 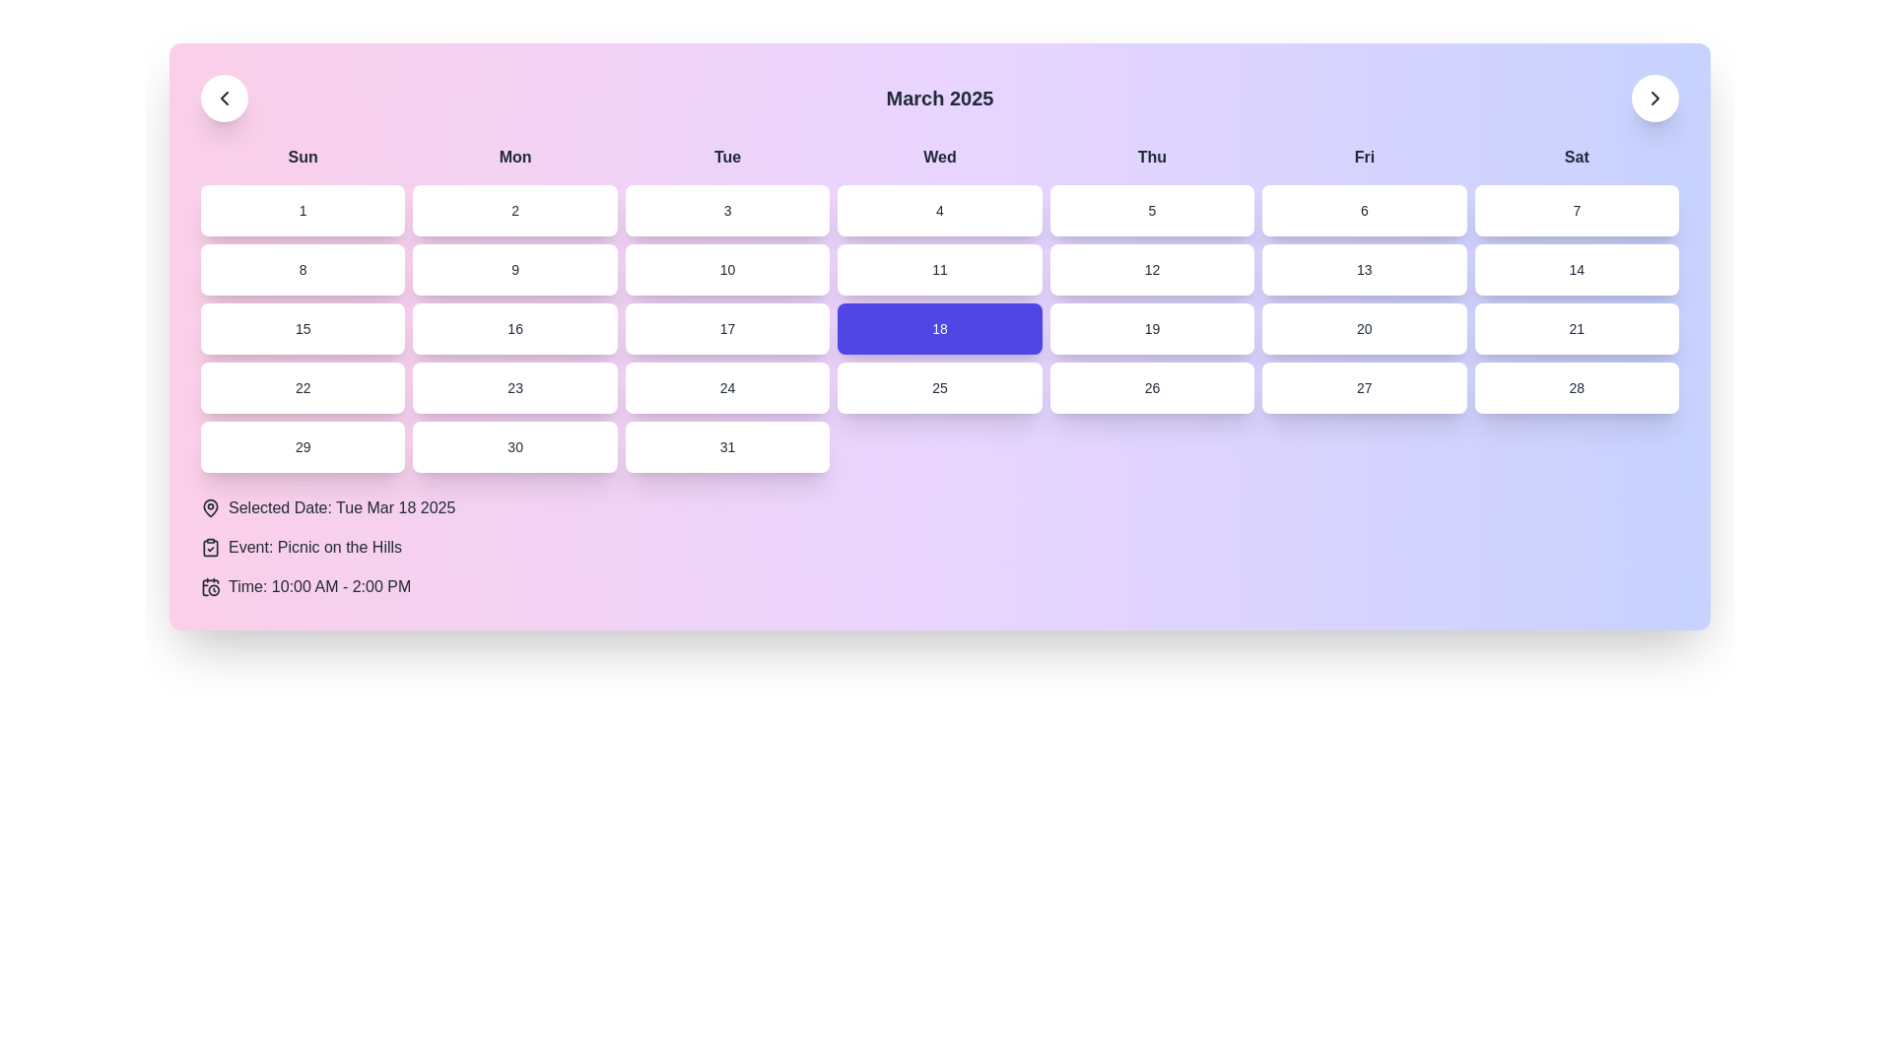 What do you see at coordinates (1577, 156) in the screenshot?
I see `the 'Sat' text label in the calendar grid that indicates Saturdays, which is located at the top of the calendar interface` at bounding box center [1577, 156].